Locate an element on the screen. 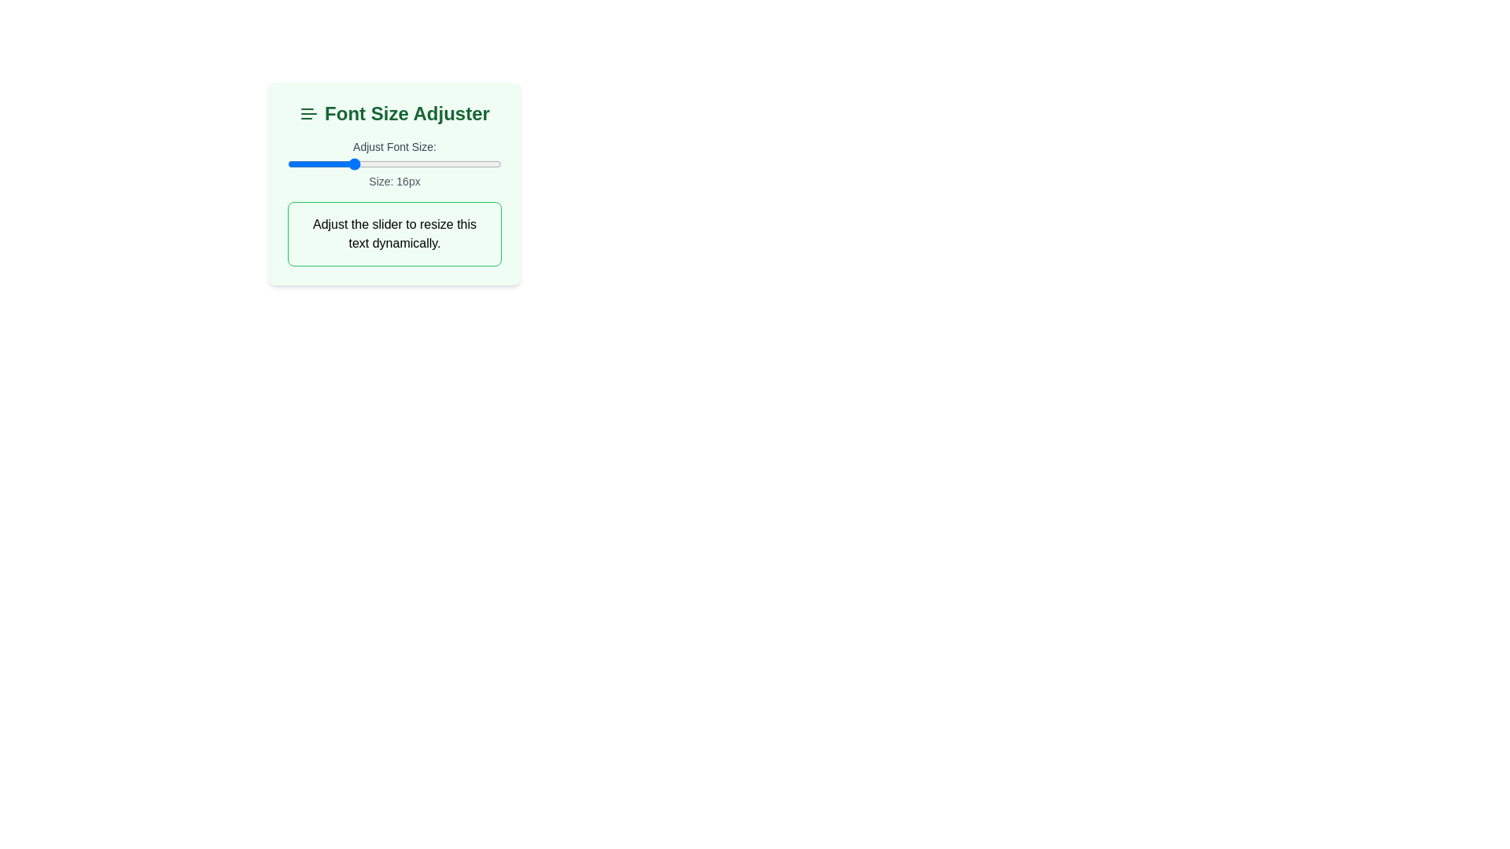 This screenshot has width=1510, height=849. the slider to set the font size to 10 px is located at coordinates (287, 164).